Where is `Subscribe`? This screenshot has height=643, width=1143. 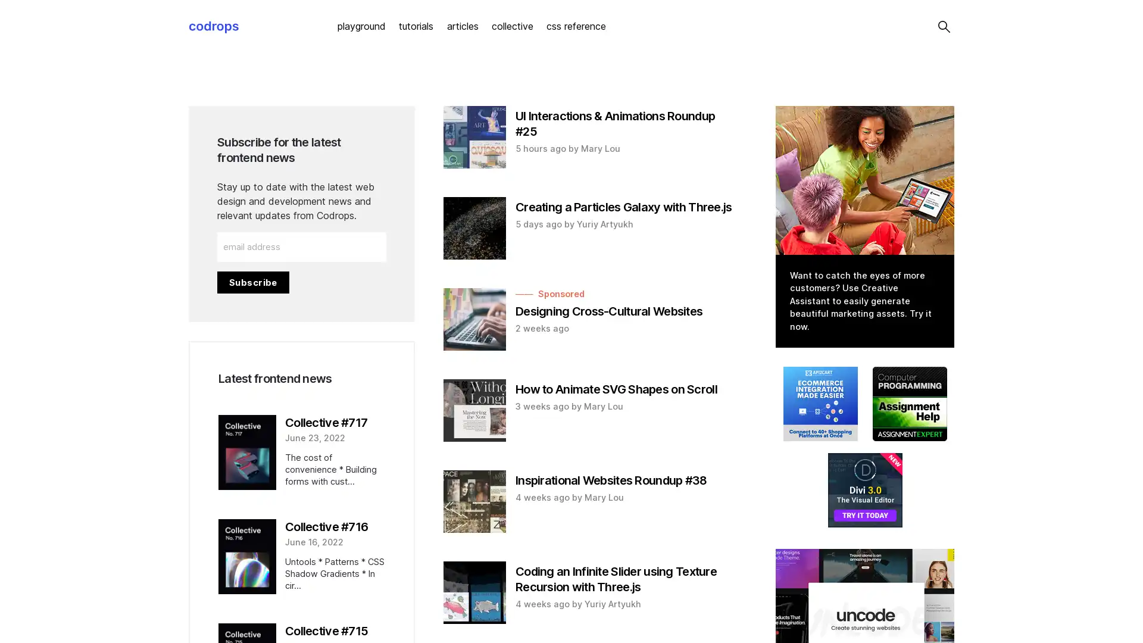 Subscribe is located at coordinates (252, 282).